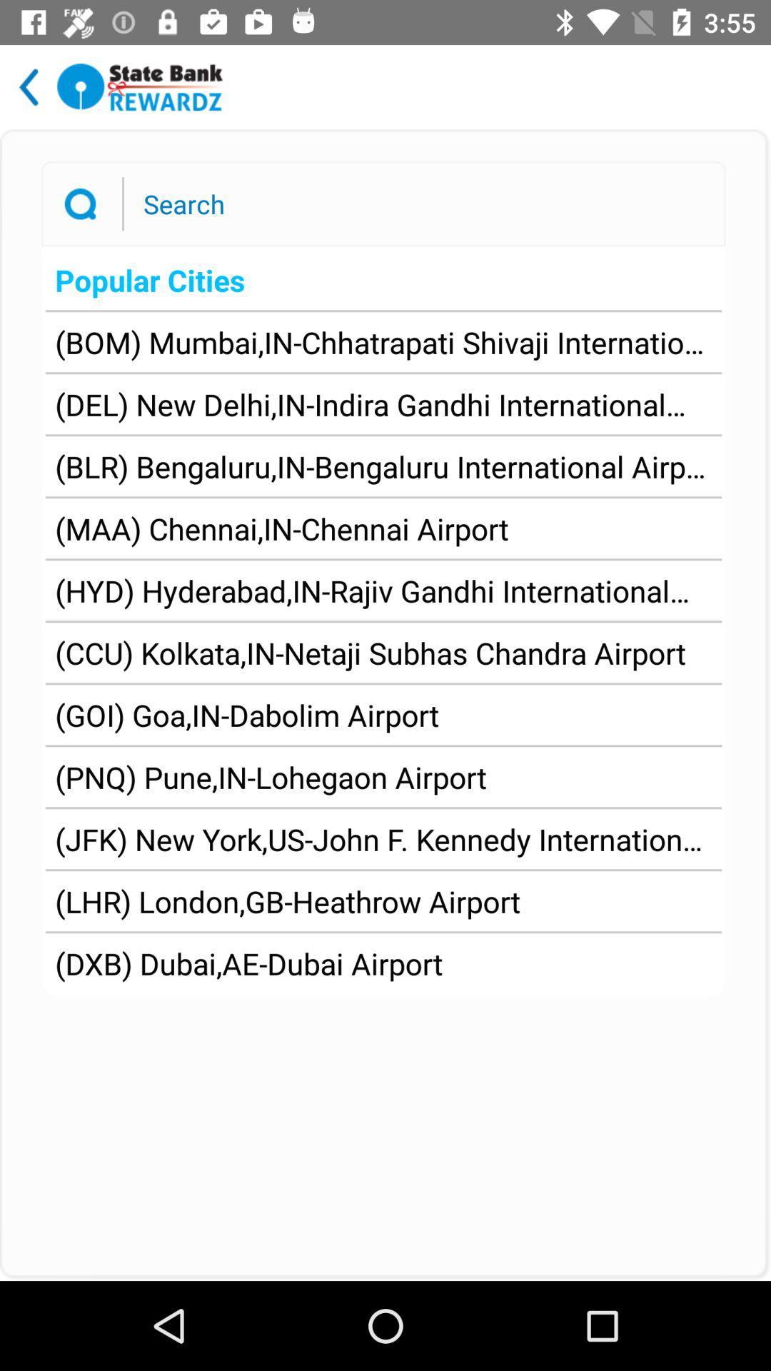  What do you see at coordinates (248, 963) in the screenshot?
I see `dxb dubai ae` at bounding box center [248, 963].